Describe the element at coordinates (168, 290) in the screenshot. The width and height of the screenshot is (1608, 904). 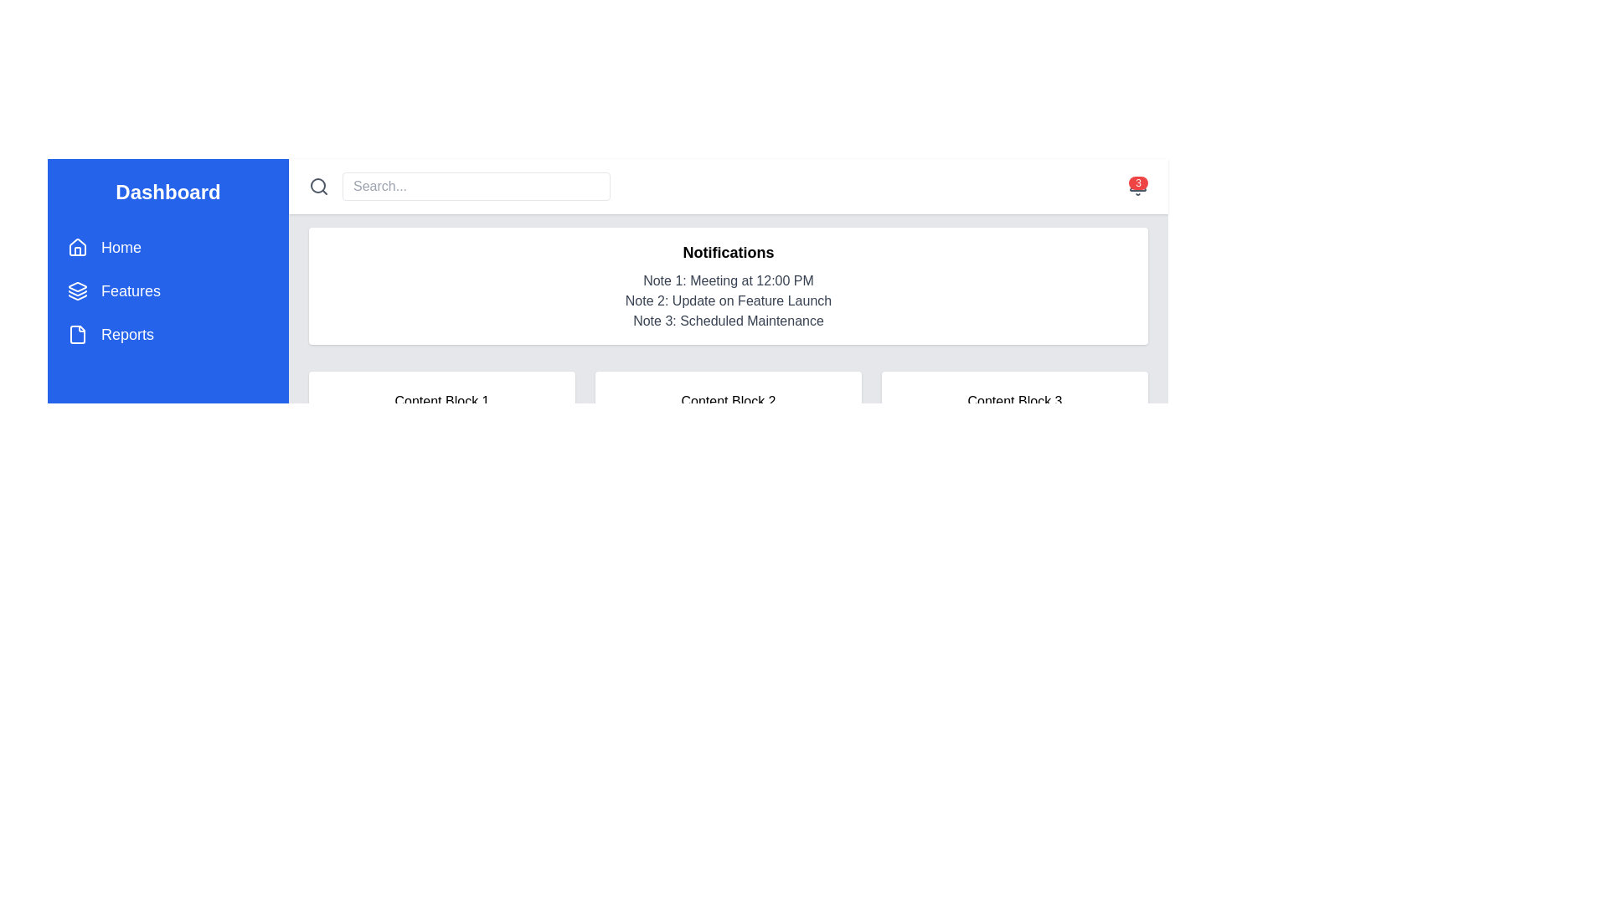
I see `the navigation button in the blue sidebar that directs to the 'Features' page, positioned between 'Home' and 'Reports'` at that location.